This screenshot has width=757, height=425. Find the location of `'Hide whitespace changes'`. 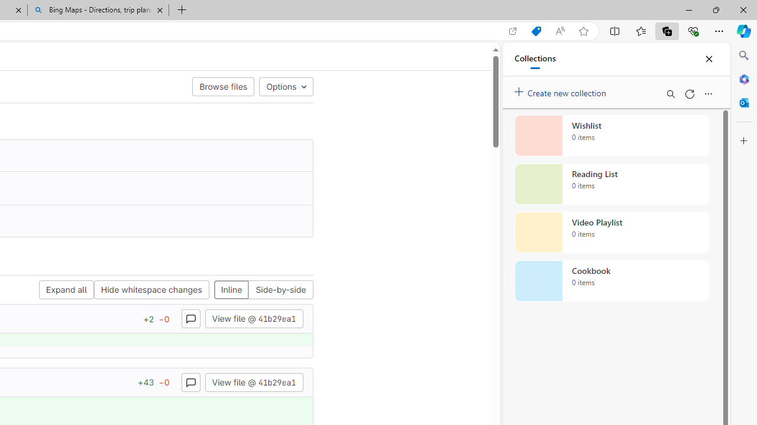

'Hide whitespace changes' is located at coordinates (151, 290).